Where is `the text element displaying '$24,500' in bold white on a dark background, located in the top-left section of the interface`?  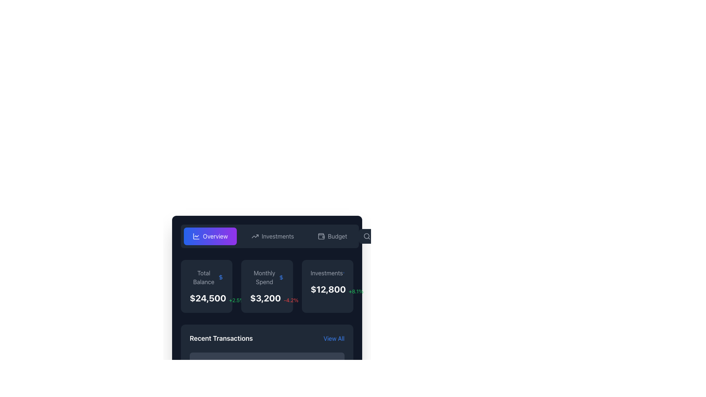
the text element displaying '$24,500' in bold white on a dark background, located in the top-left section of the interface is located at coordinates (207, 298).